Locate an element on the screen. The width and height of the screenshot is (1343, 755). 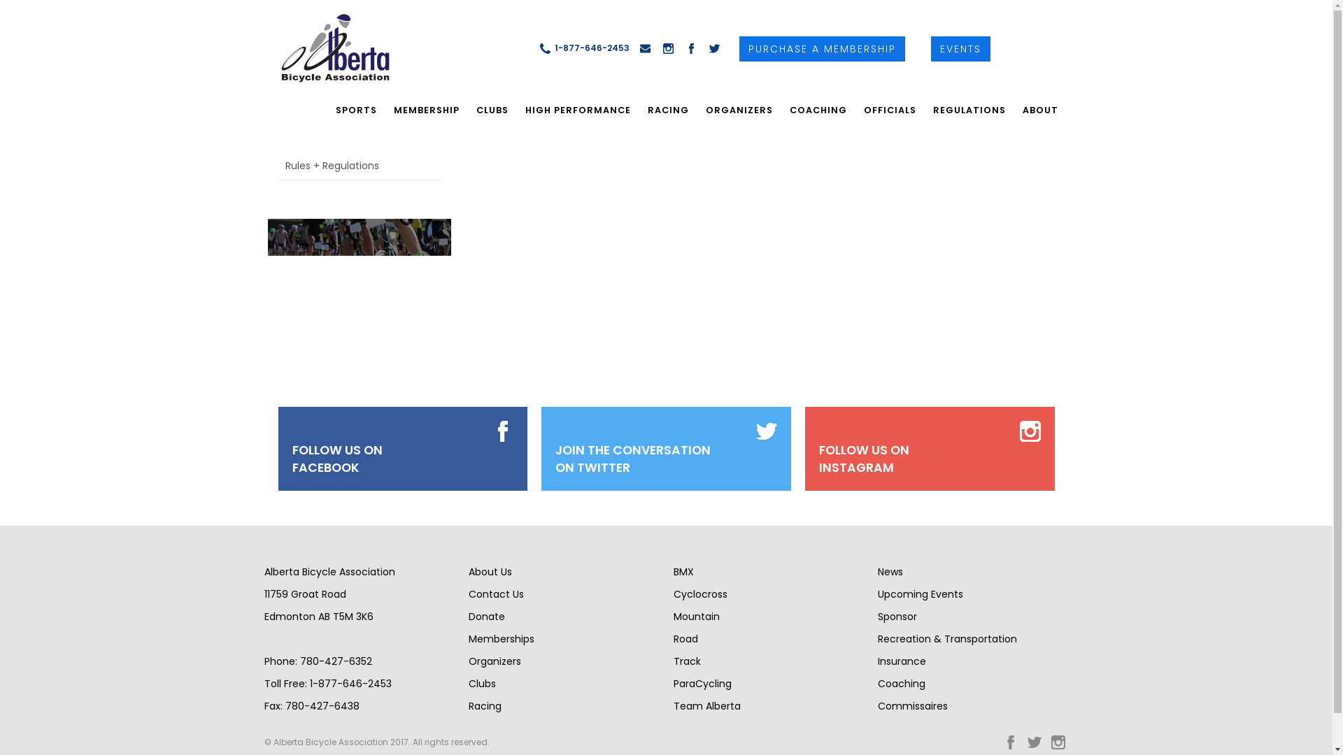
'COACHING' is located at coordinates (818, 110).